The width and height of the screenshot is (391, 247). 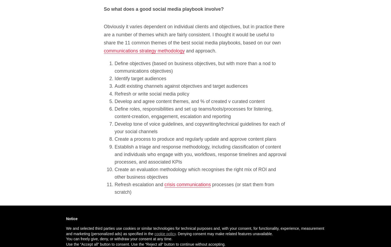 I want to click on 'and approach.', so click(x=200, y=51).